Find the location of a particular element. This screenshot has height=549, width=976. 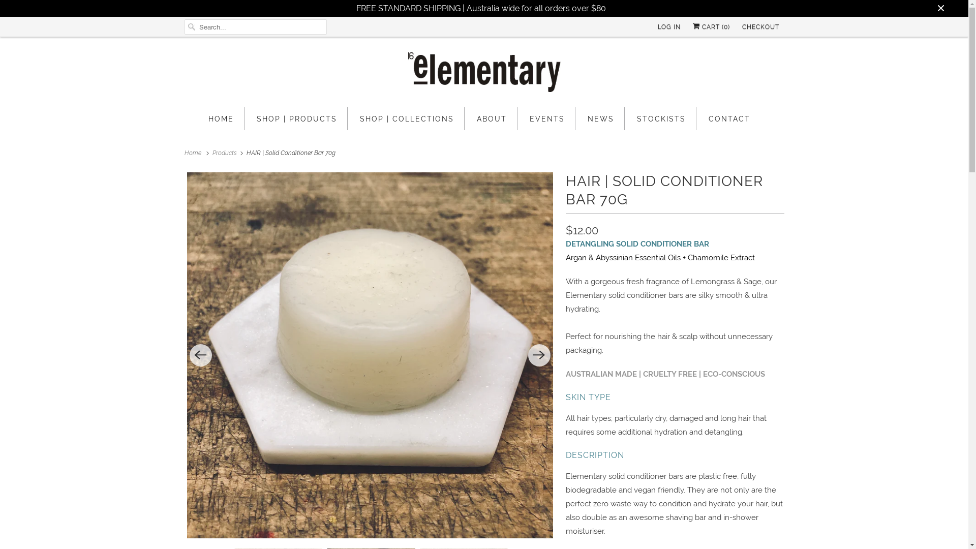

'Products' is located at coordinates (225, 152).